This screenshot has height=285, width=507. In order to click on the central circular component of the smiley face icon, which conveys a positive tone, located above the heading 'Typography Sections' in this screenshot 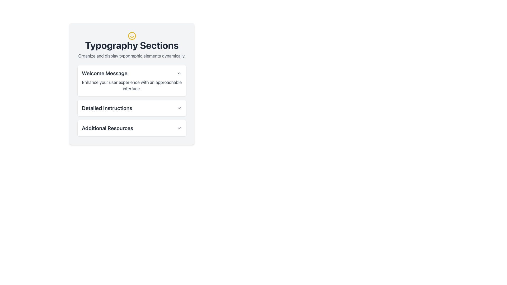, I will do `click(132, 36)`.